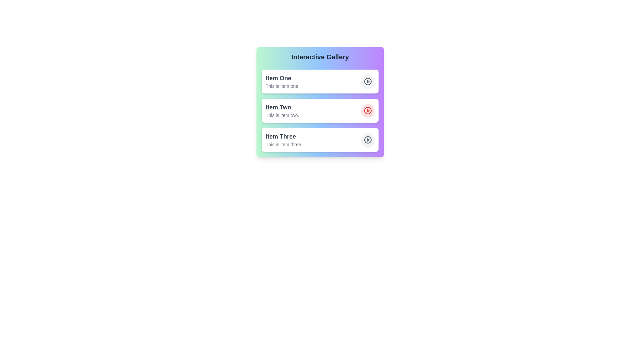 This screenshot has width=637, height=358. Describe the element at coordinates (320, 81) in the screenshot. I see `the item labeled 'Item One' to observe the hover effect` at that location.